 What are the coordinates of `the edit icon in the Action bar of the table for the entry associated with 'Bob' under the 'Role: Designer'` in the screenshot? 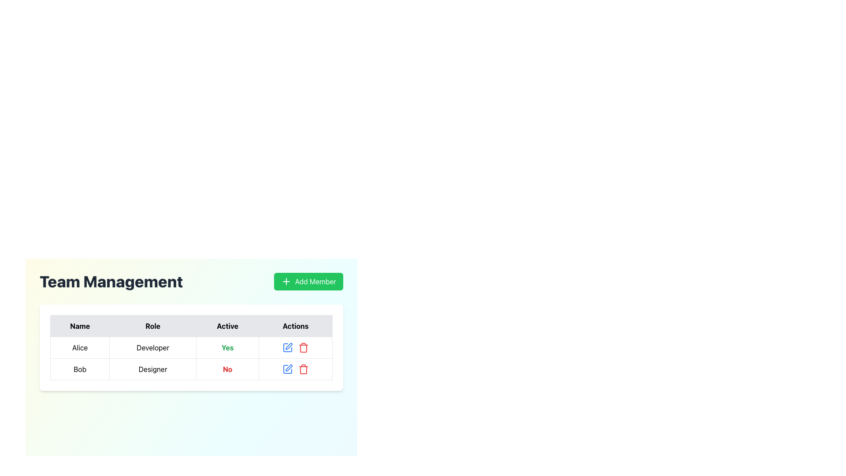 It's located at (296, 369).